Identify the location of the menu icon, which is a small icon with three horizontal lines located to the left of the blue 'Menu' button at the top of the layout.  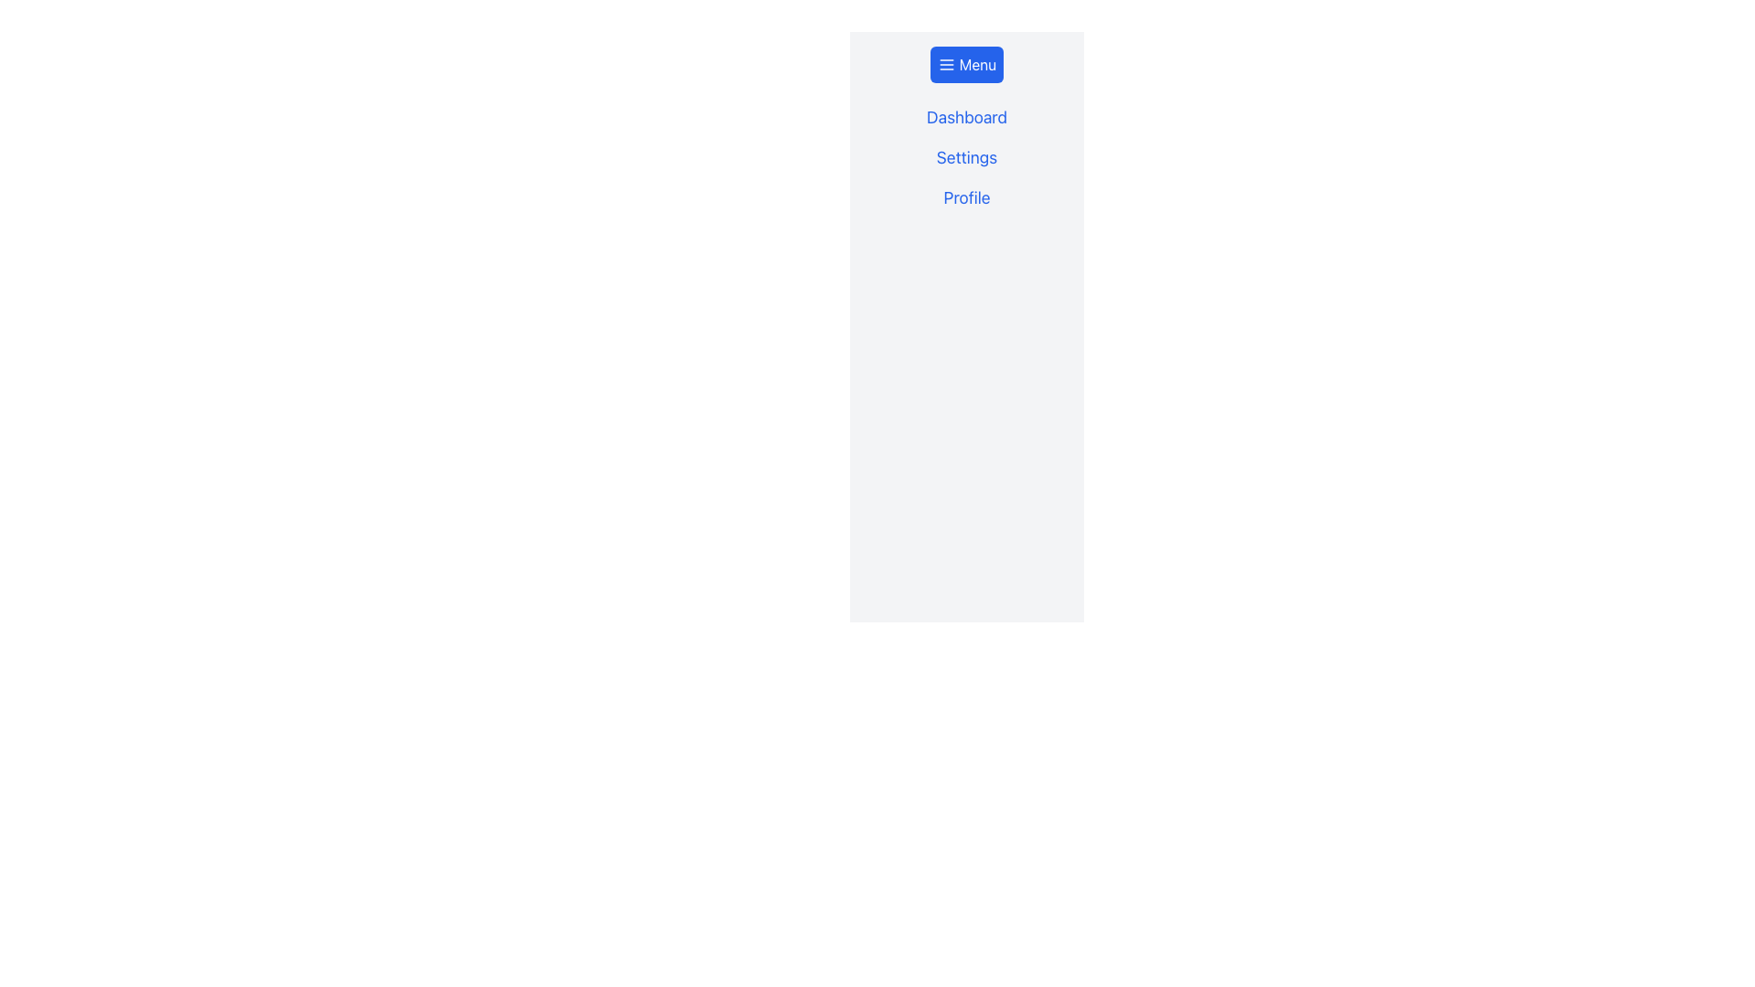
(946, 63).